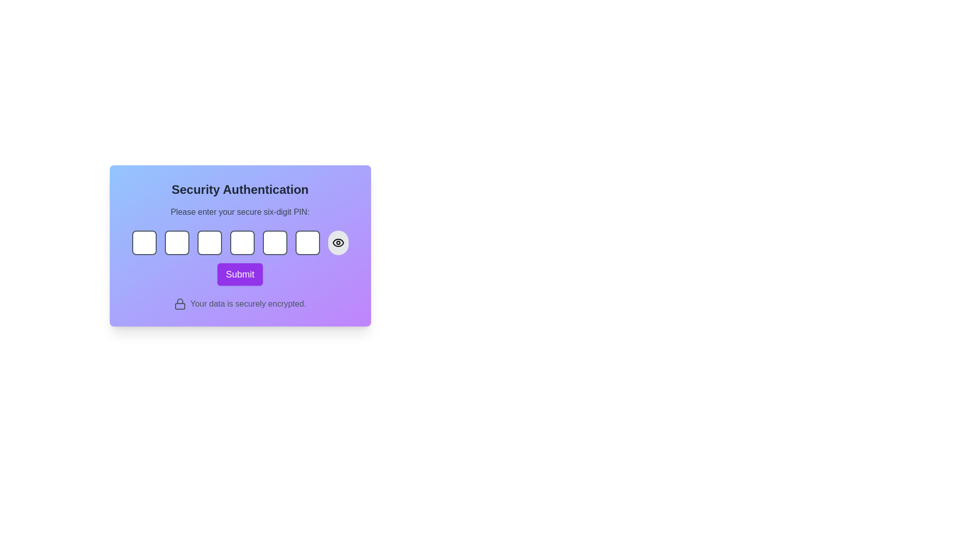 This screenshot has height=551, width=980. Describe the element at coordinates (239, 246) in the screenshot. I see `the fourth PIN input box to focus for entering a digit of the six-digit PIN` at that location.